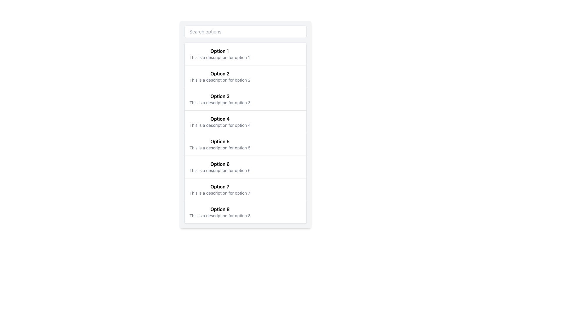 The width and height of the screenshot is (564, 317). Describe the element at coordinates (219, 216) in the screenshot. I see `the static text display providing additional information about 'Option 8', which is located directly below the title text for Option 8 in the list interface` at that location.